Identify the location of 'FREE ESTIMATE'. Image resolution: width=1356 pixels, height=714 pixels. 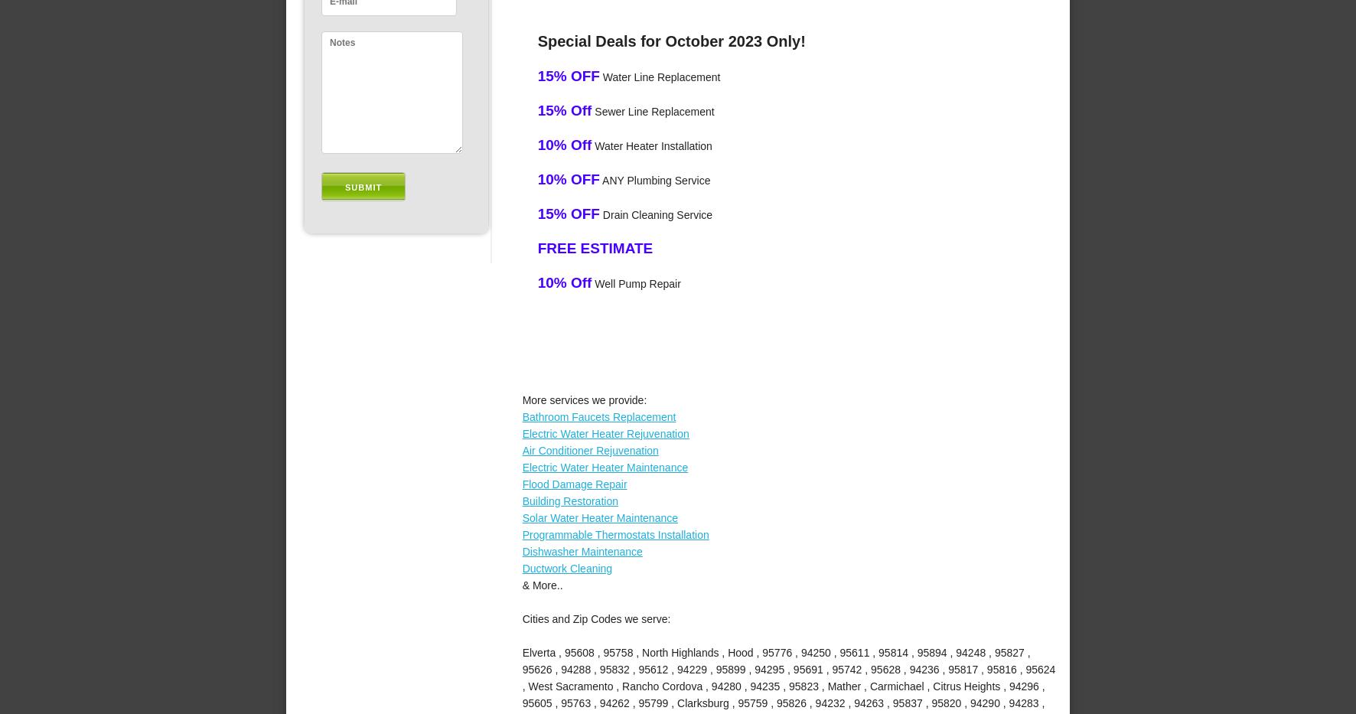
(595, 246).